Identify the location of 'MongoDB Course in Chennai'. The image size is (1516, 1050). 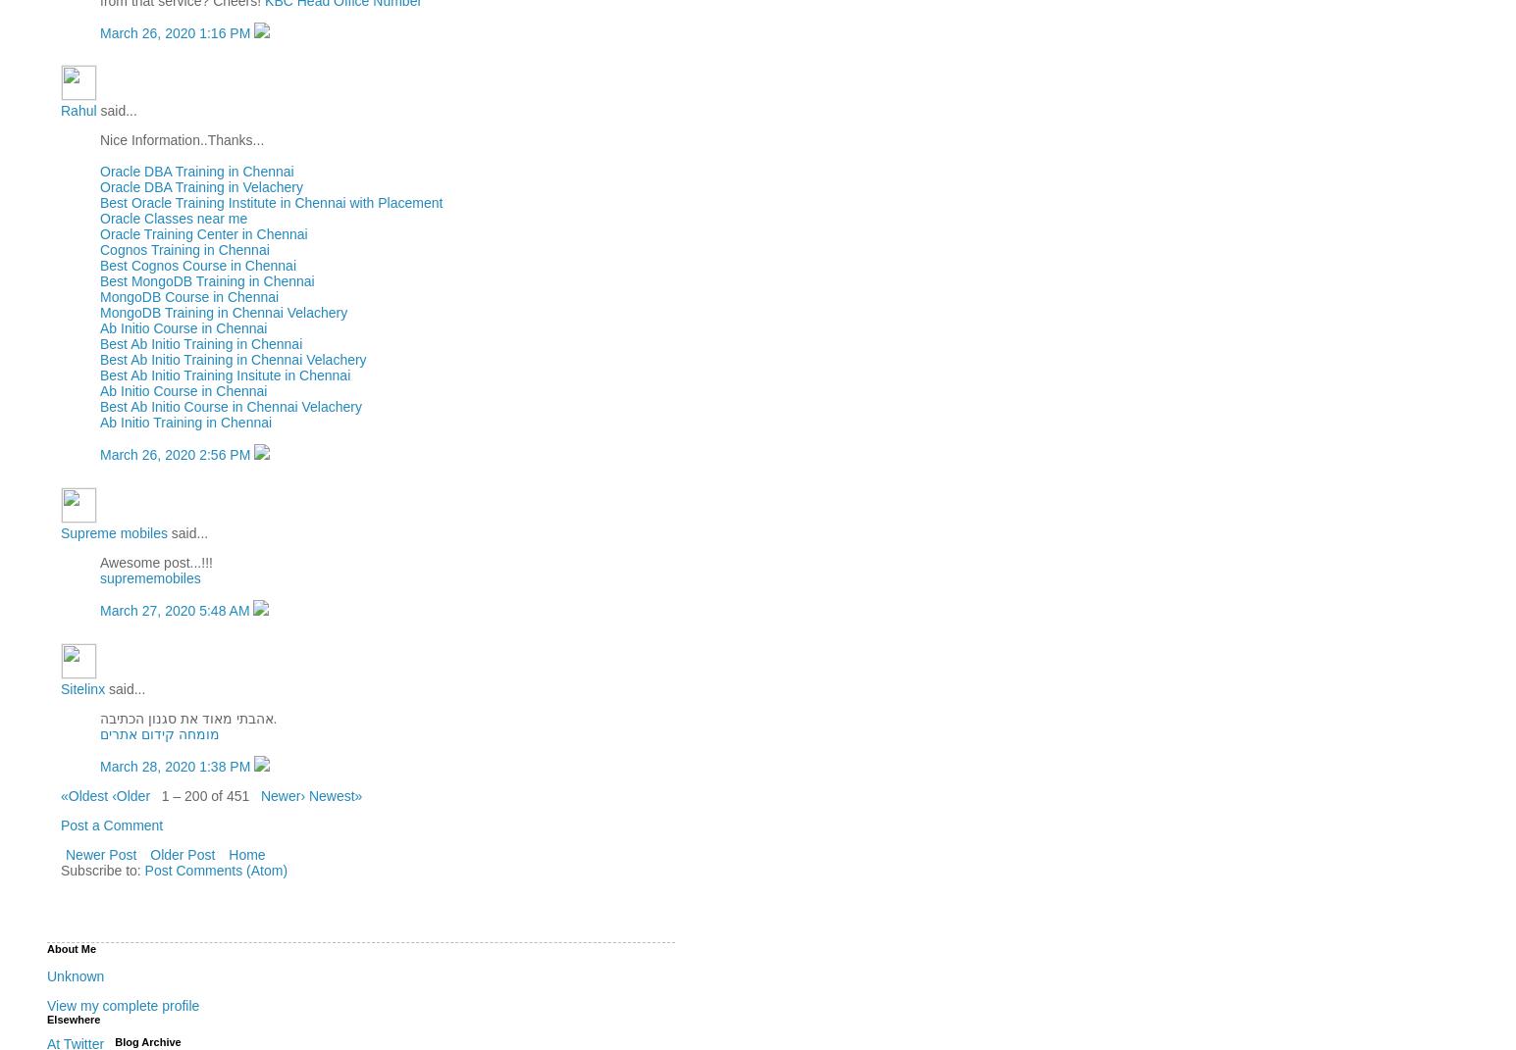
(188, 296).